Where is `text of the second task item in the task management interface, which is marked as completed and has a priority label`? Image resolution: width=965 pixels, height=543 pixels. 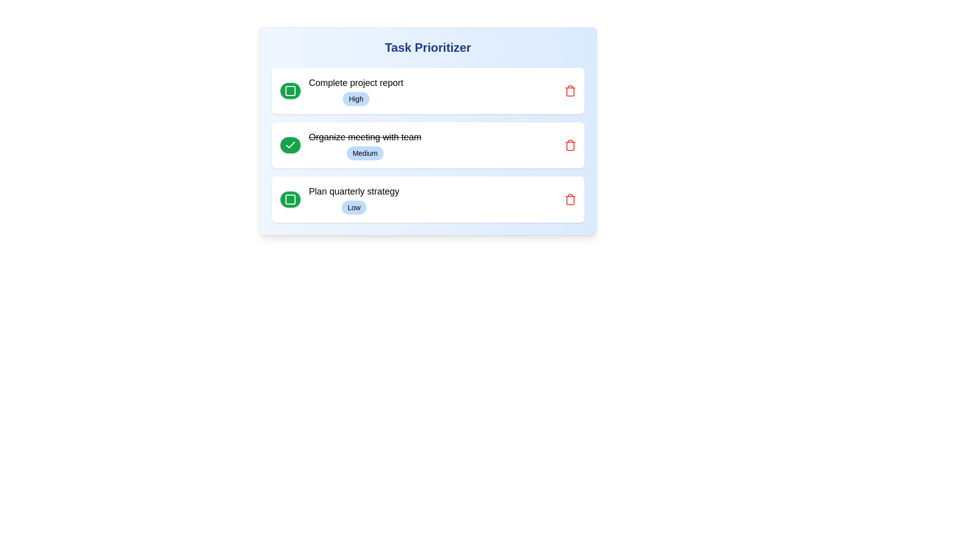 text of the second task item in the task management interface, which is marked as completed and has a priority label is located at coordinates (350, 145).